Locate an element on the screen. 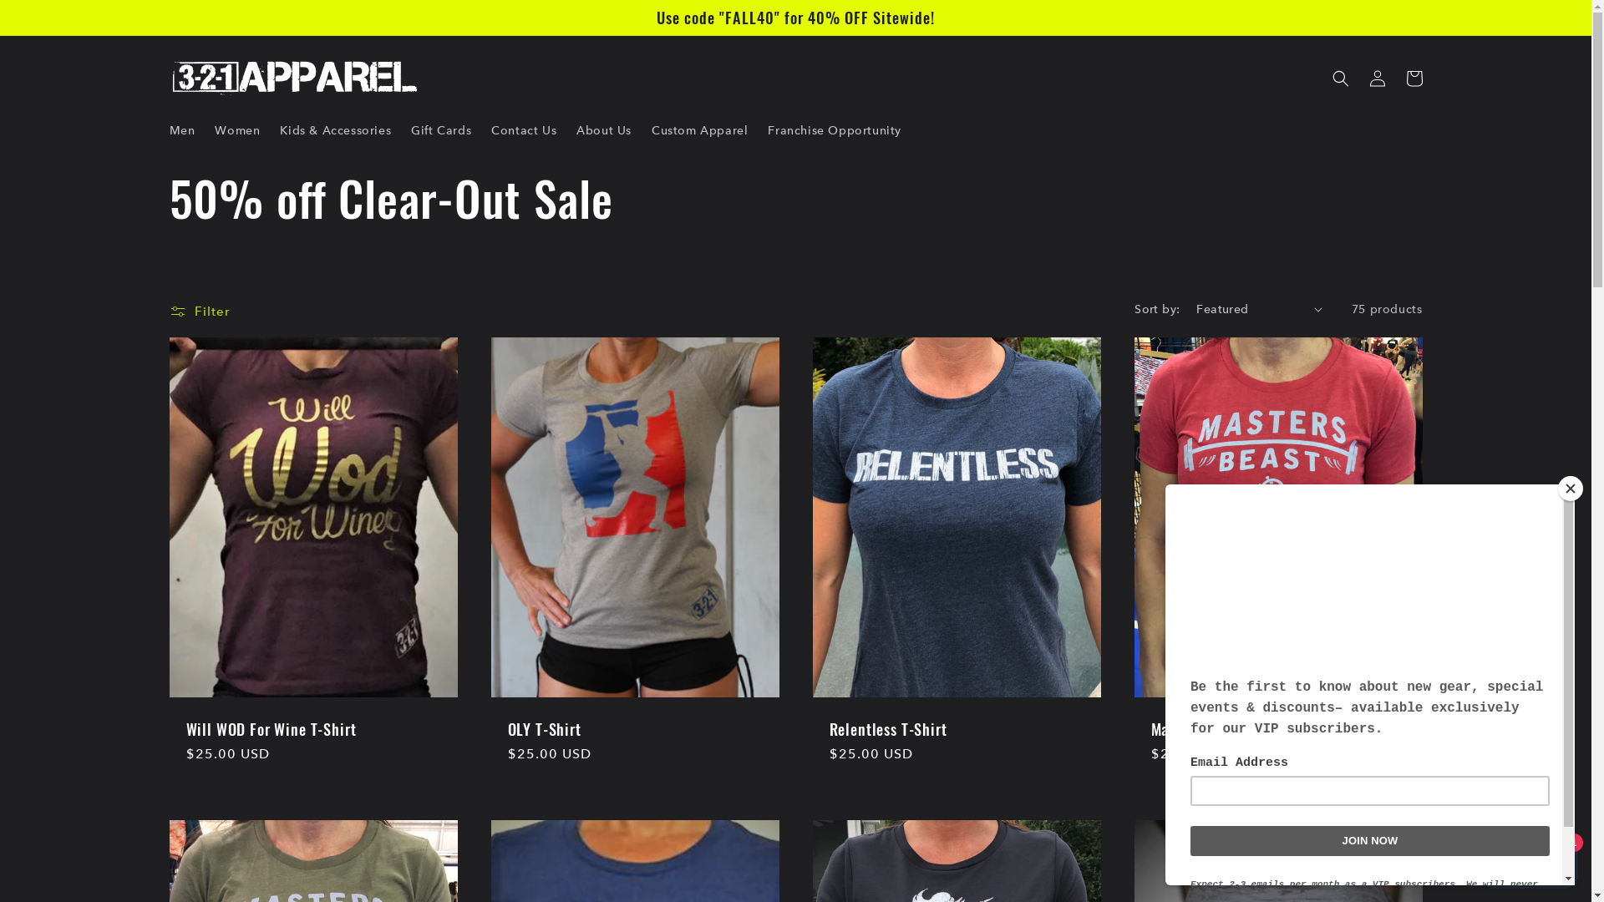  'Masters Beast T-Shirt' is located at coordinates (1277, 727).